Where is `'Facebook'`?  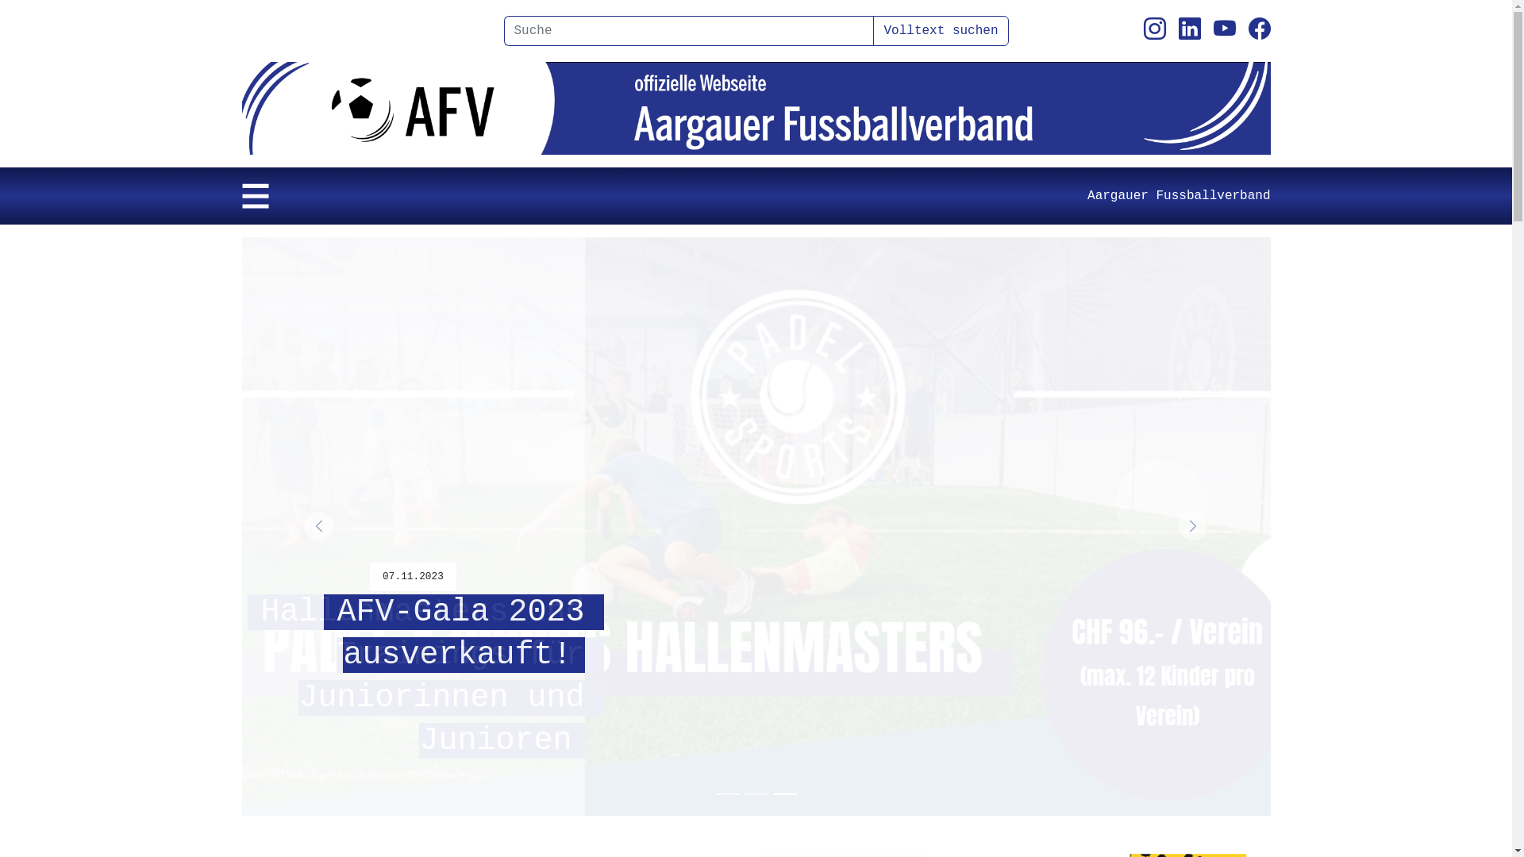 'Facebook' is located at coordinates (1257, 30).